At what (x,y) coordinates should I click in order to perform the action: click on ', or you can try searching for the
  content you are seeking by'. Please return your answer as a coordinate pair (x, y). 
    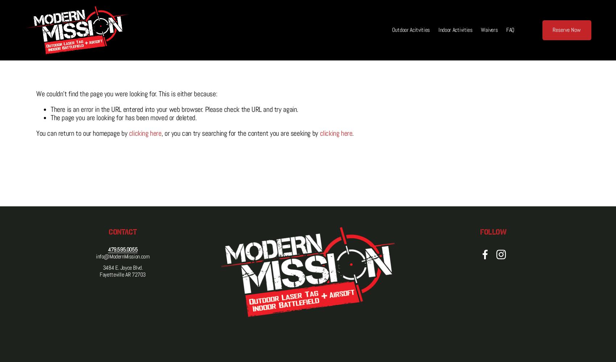
    Looking at the image, I should click on (240, 133).